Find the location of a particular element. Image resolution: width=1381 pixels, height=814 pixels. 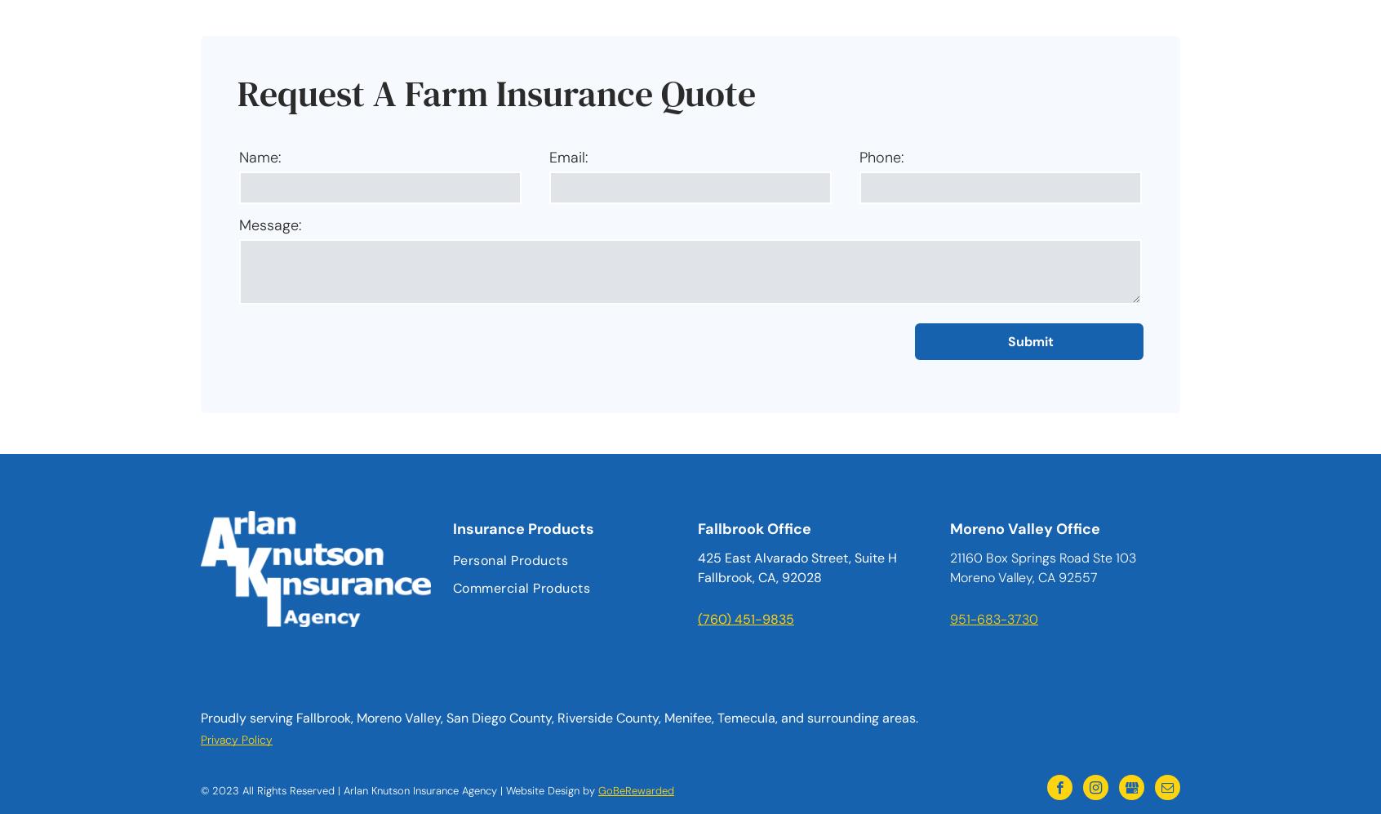

'© 2023' is located at coordinates (221, 790).